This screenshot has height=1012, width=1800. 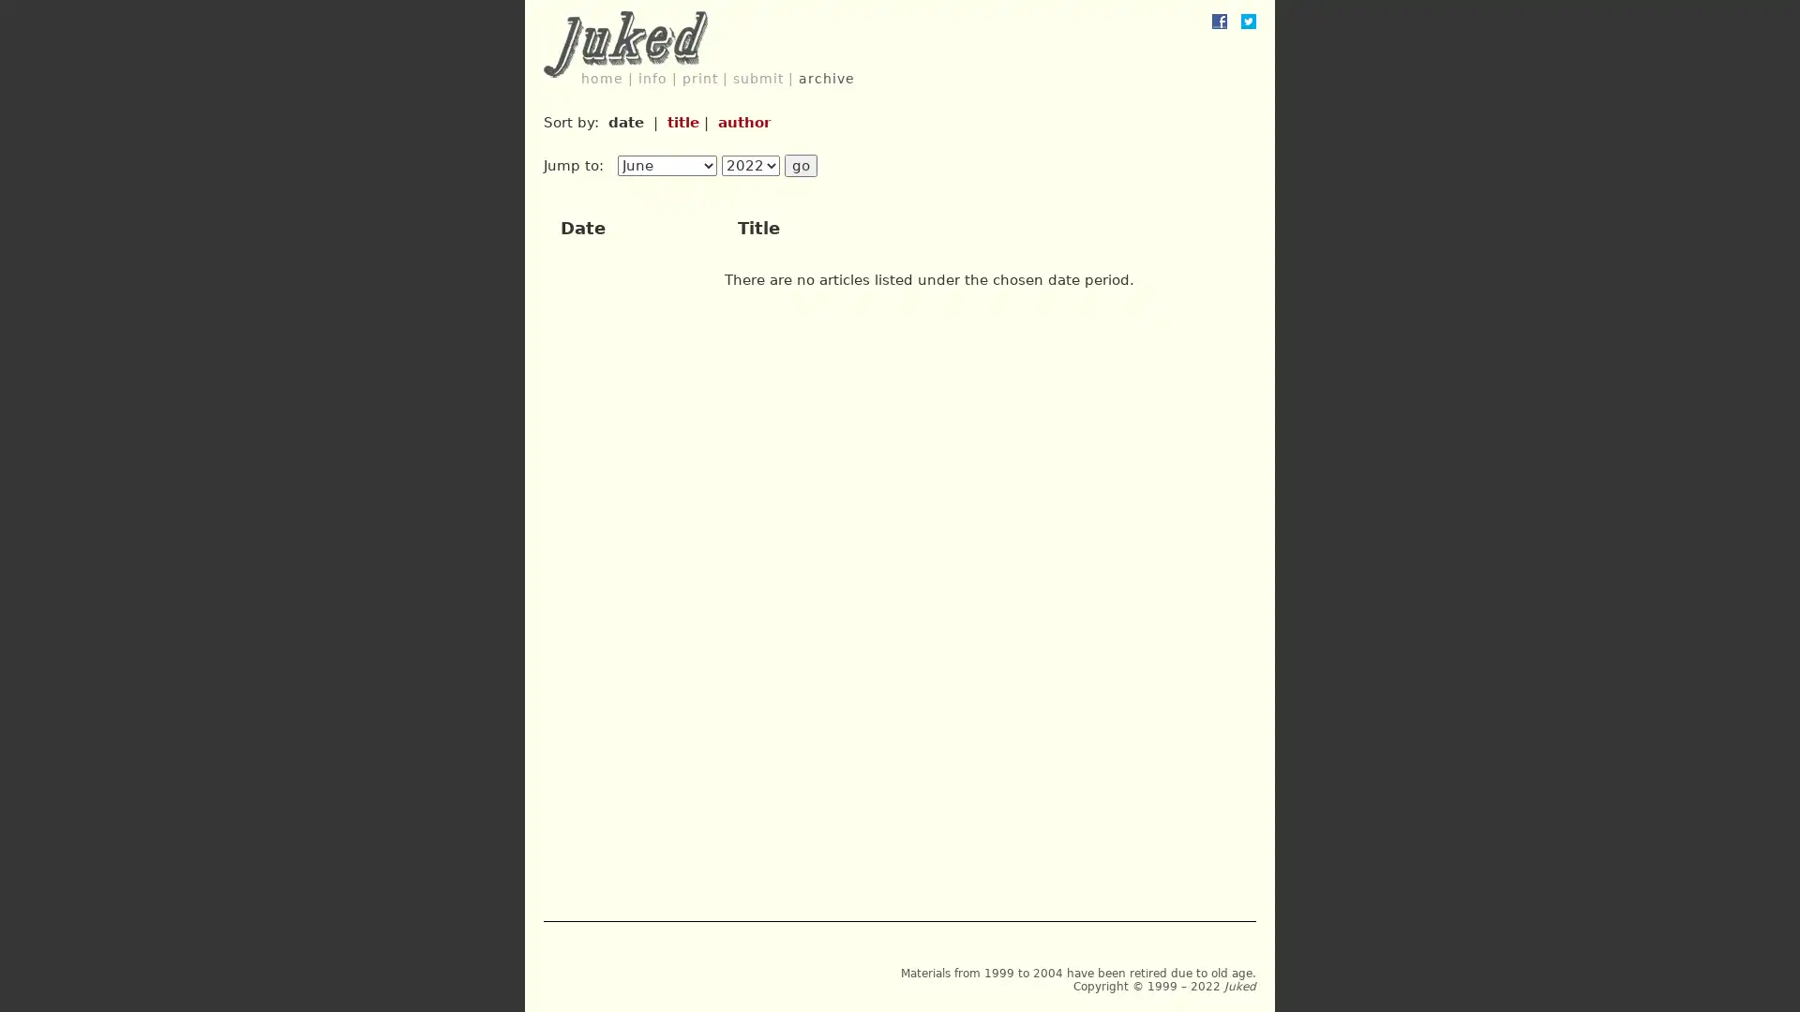 What do you see at coordinates (801, 165) in the screenshot?
I see `go` at bounding box center [801, 165].